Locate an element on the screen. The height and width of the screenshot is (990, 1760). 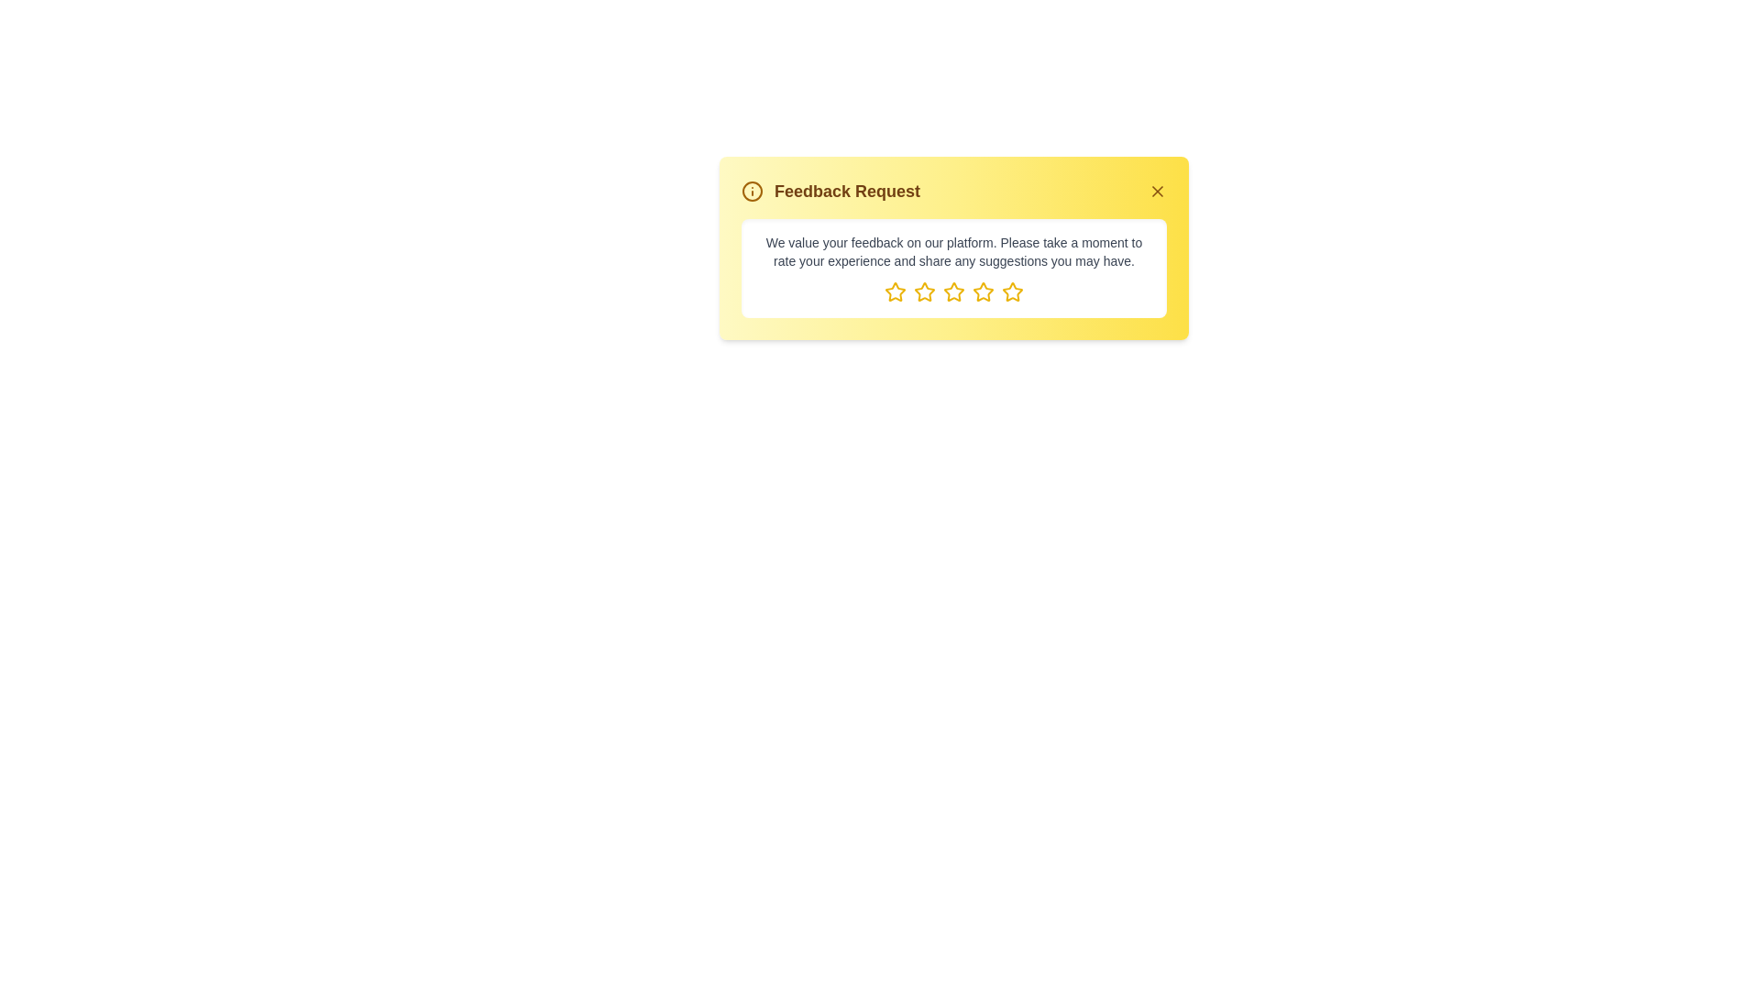
the element star_1 to observe its hover effect is located at coordinates (896, 291).